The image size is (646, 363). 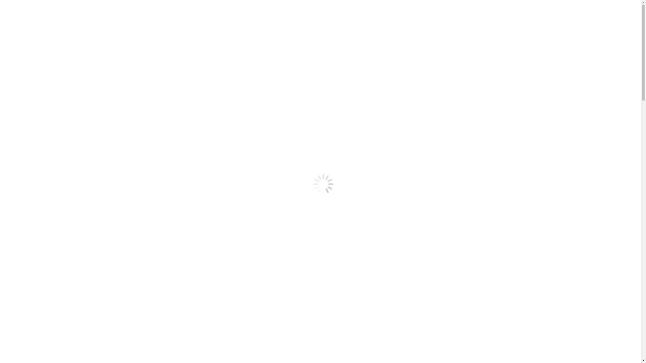 What do you see at coordinates (43, 17) in the screenshot?
I see `'Facebook page opens in new window'` at bounding box center [43, 17].